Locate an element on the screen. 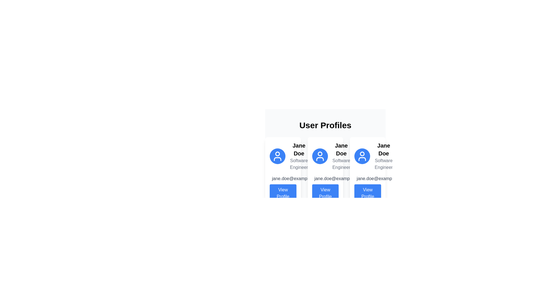  the button located at the bottom of the user profile card, directly below the email address 'jane.doe@example.com' is located at coordinates (283, 193).